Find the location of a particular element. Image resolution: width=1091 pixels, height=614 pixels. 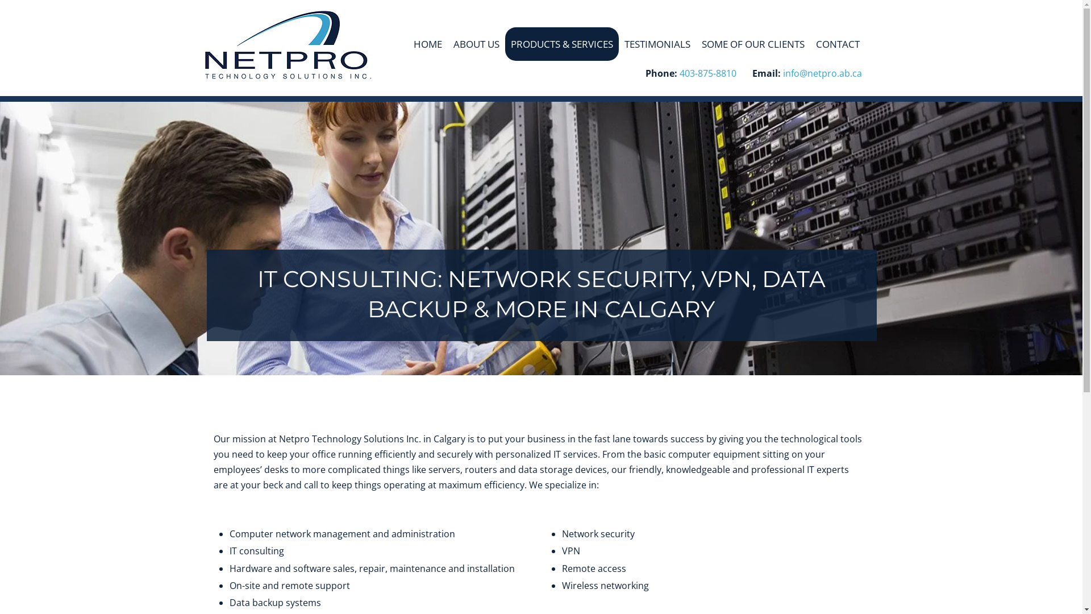

'SOME OF OUR CLIENTS' is located at coordinates (695, 43).